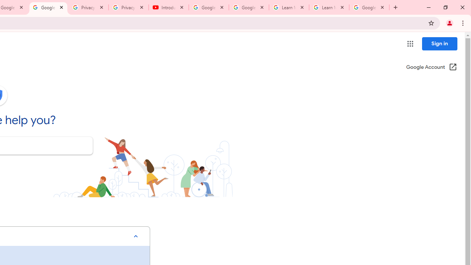 The width and height of the screenshot is (471, 265). What do you see at coordinates (432, 67) in the screenshot?
I see `'Google Account (Open in a new window)'` at bounding box center [432, 67].